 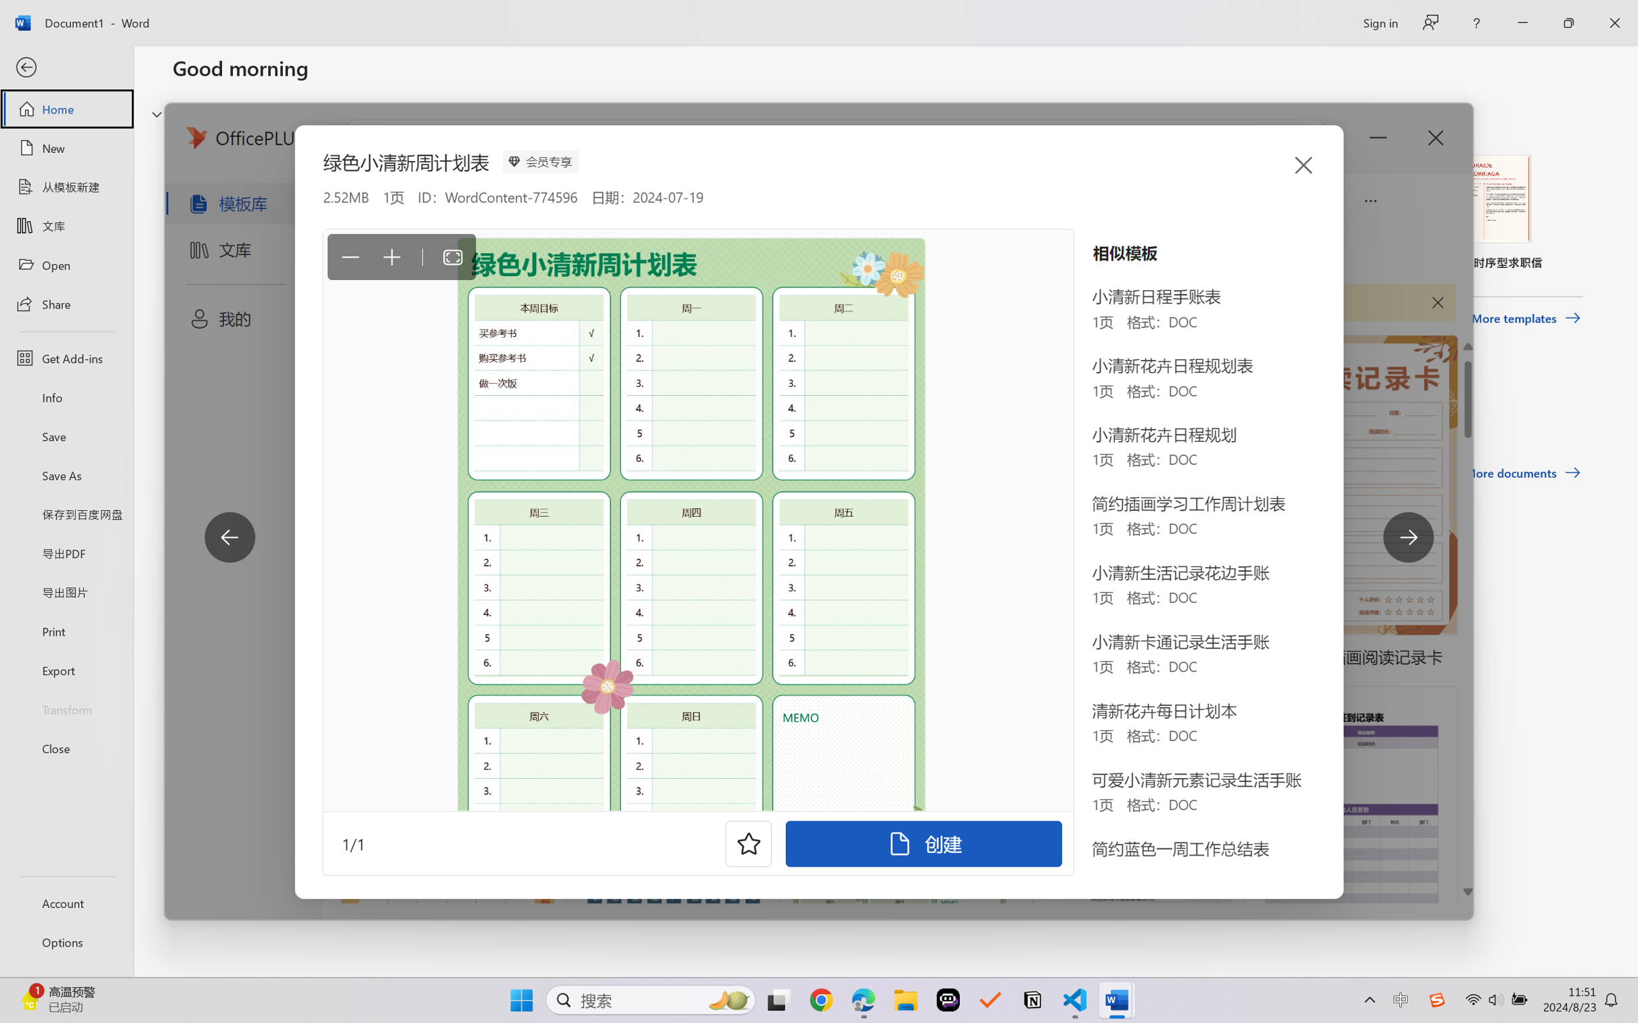 I want to click on 'Save As', so click(x=66, y=475).